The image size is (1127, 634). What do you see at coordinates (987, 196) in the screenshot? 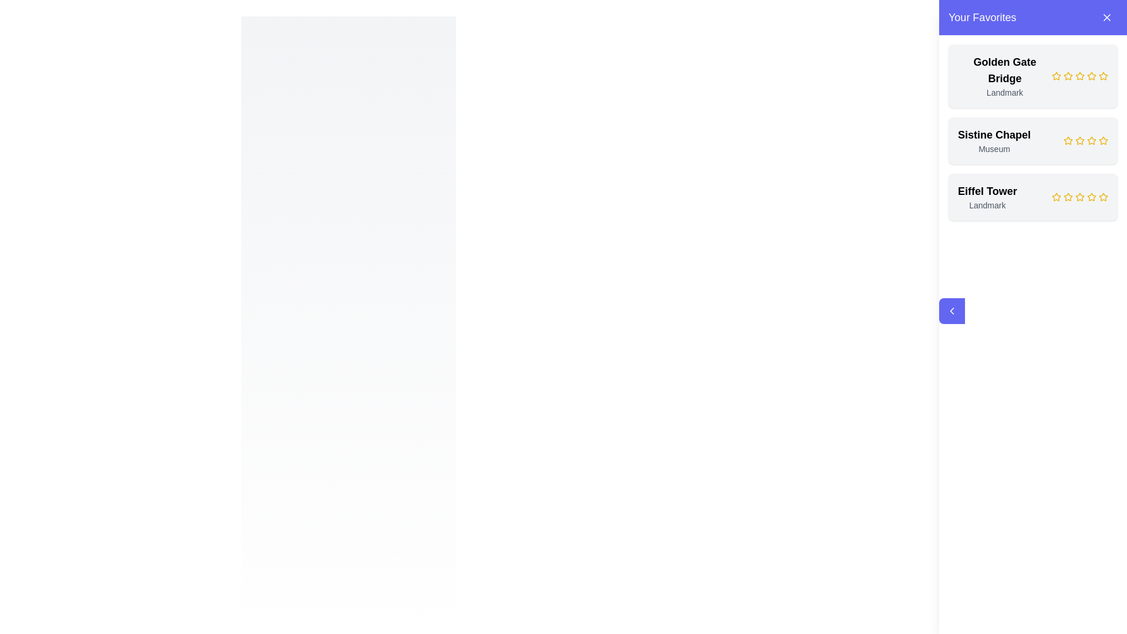
I see `the text label displaying 'Eiffel Tower' with the caption 'Landmark' located in the upper-left region of the bottom card in a vertically stacked list` at bounding box center [987, 196].